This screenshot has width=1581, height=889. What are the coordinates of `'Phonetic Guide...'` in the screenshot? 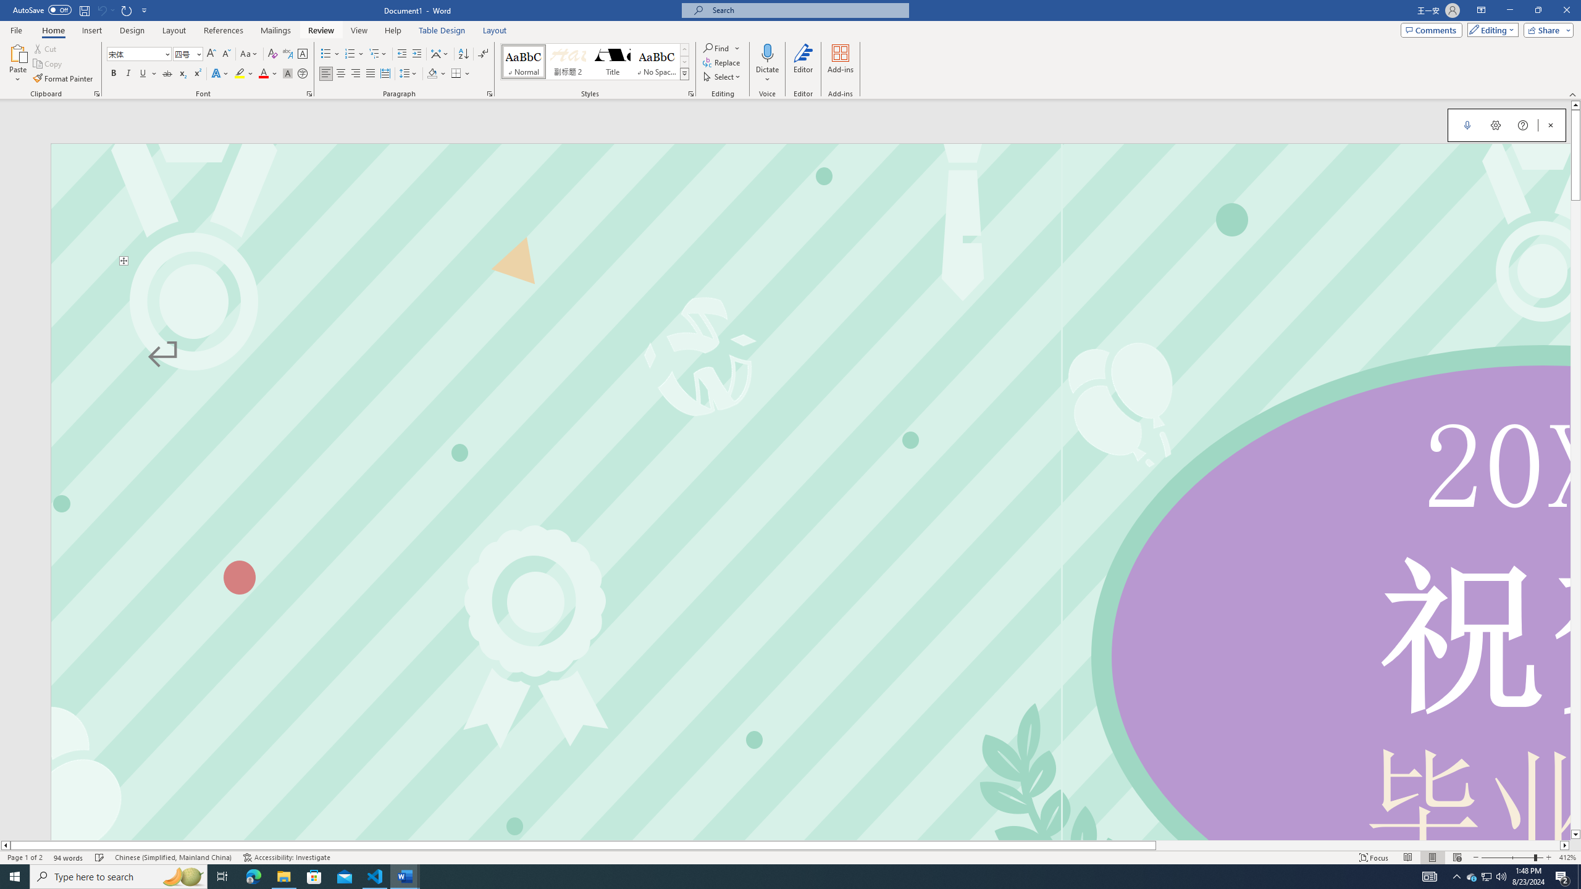 It's located at (287, 54).